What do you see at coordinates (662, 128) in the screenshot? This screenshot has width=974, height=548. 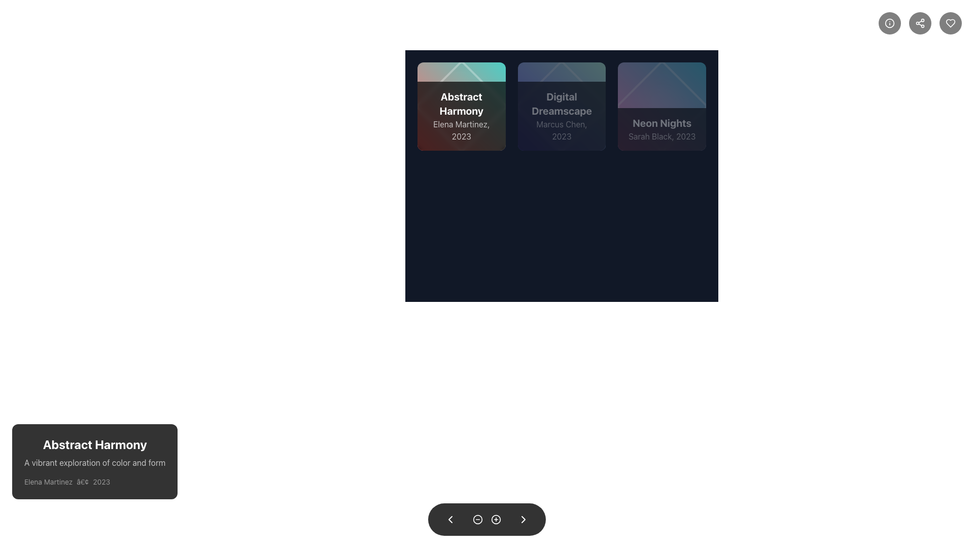 I see `the text label displaying the title 'Neon Nights' by 'Sarah Black' (2023) located at the bottom of the card in the third column` at bounding box center [662, 128].